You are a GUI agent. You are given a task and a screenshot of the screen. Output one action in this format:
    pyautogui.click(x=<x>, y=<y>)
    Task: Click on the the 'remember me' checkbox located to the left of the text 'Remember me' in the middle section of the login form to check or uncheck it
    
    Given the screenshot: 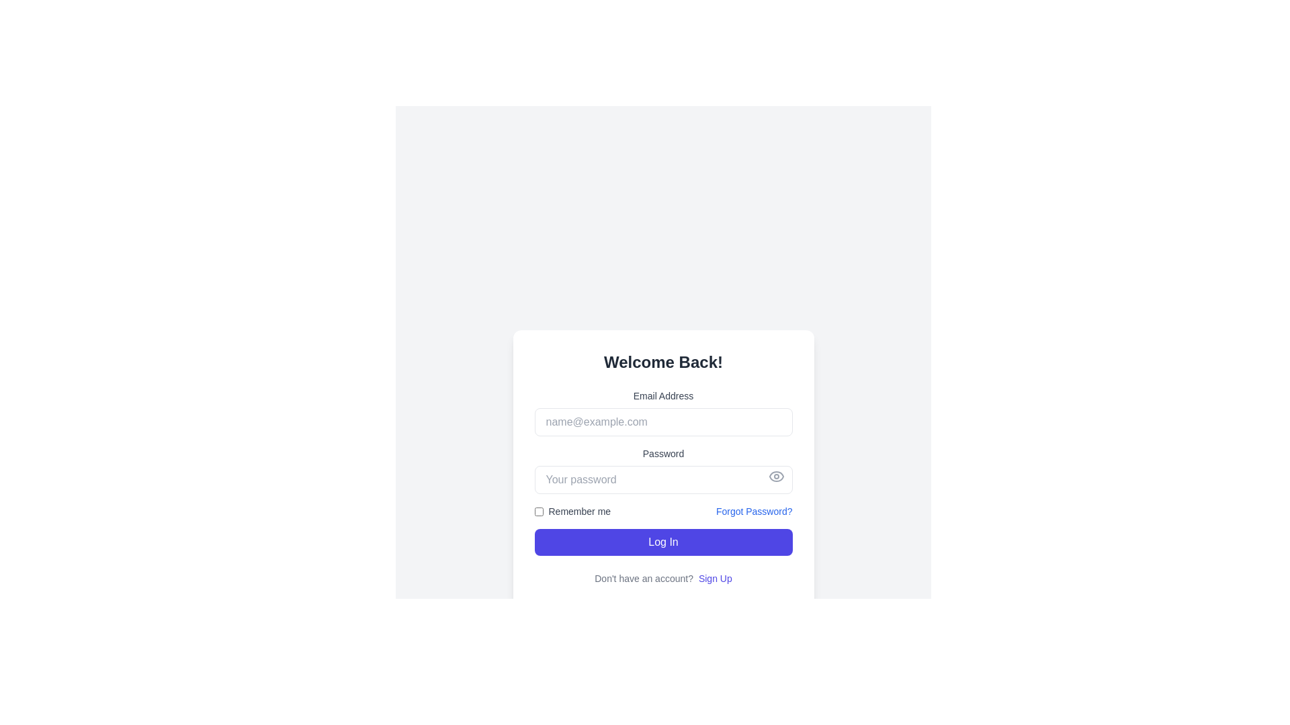 What is the action you would take?
    pyautogui.click(x=538, y=512)
    